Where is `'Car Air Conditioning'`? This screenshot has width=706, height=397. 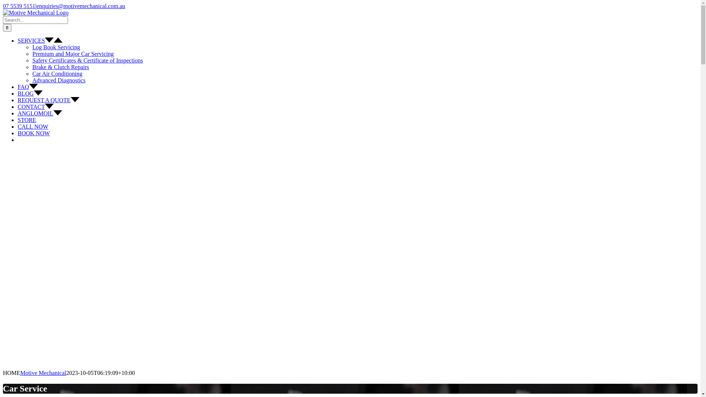 'Car Air Conditioning' is located at coordinates (57, 74).